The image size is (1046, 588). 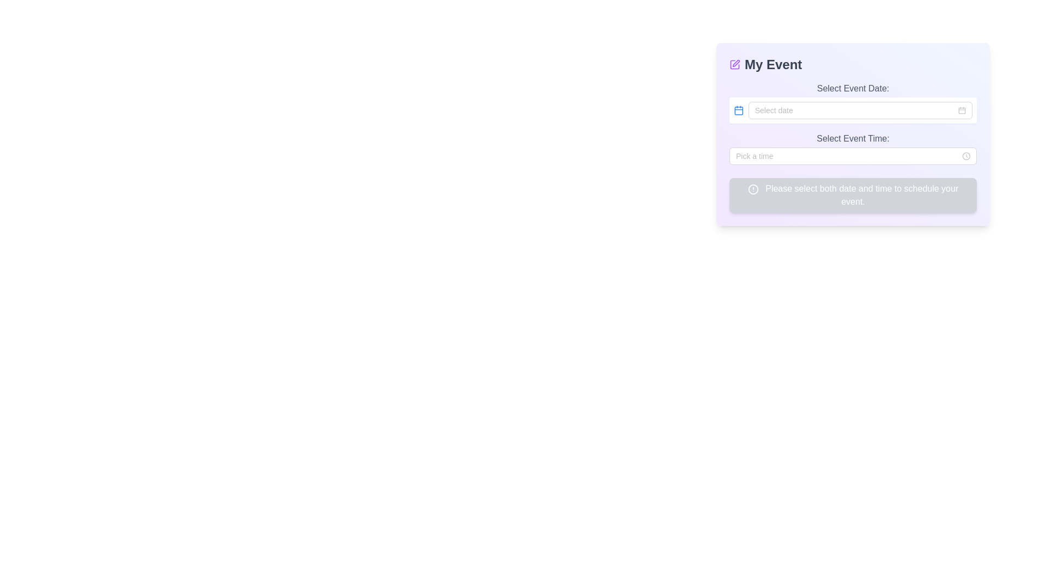 I want to click on informational message displayed in the text label that states 'Please select both date and time to schedule your event.', so click(x=852, y=194).